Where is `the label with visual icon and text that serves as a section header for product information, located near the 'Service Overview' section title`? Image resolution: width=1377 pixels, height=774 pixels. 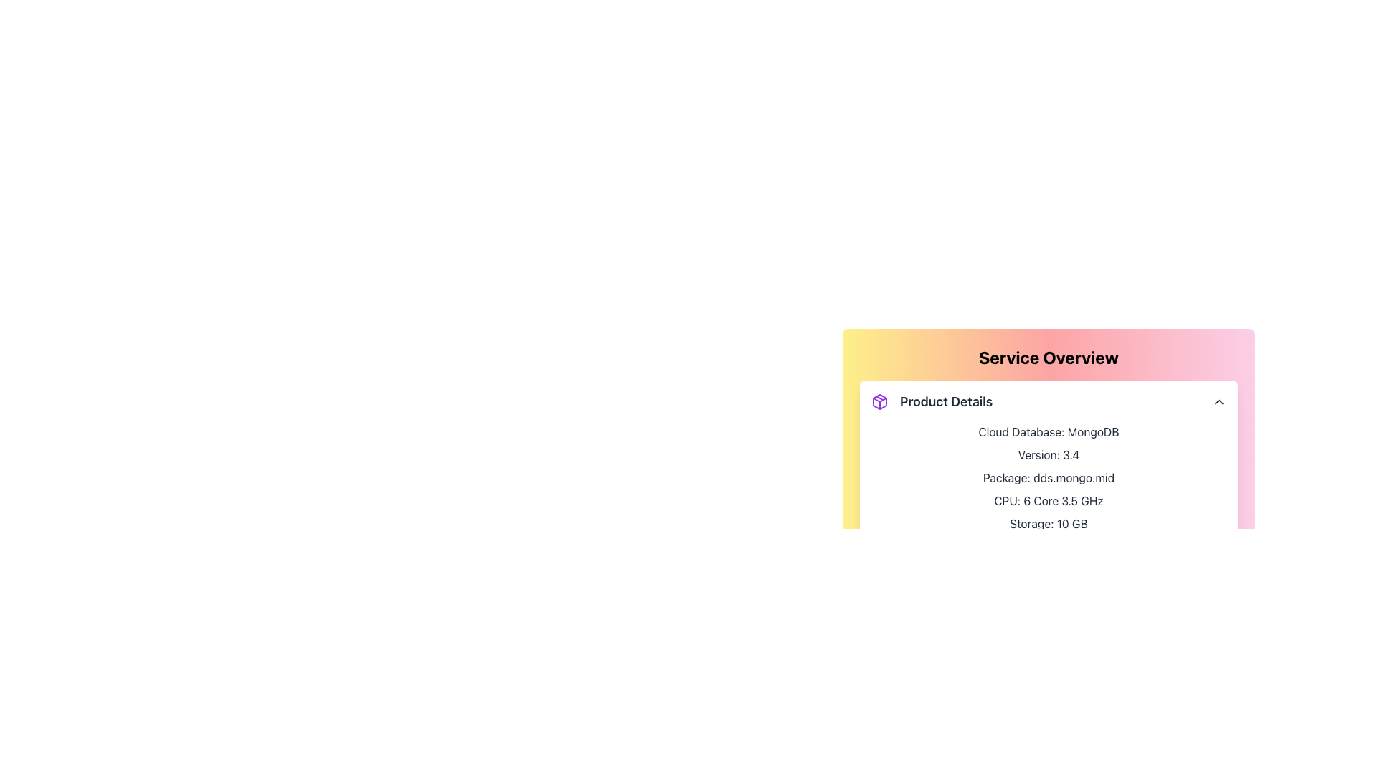 the label with visual icon and text that serves as a section header for product information, located near the 'Service Overview' section title is located at coordinates (932, 401).